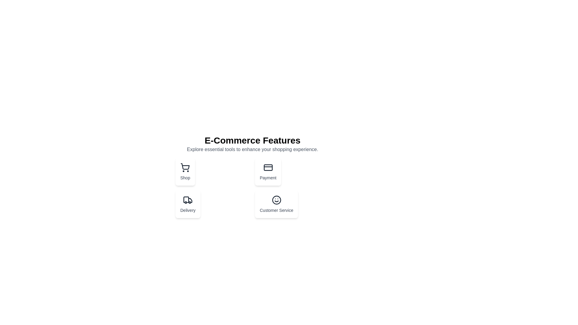 This screenshot has height=325, width=578. What do you see at coordinates (268, 172) in the screenshot?
I see `the second card in the grid layout under 'E-Commerce Features'` at bounding box center [268, 172].